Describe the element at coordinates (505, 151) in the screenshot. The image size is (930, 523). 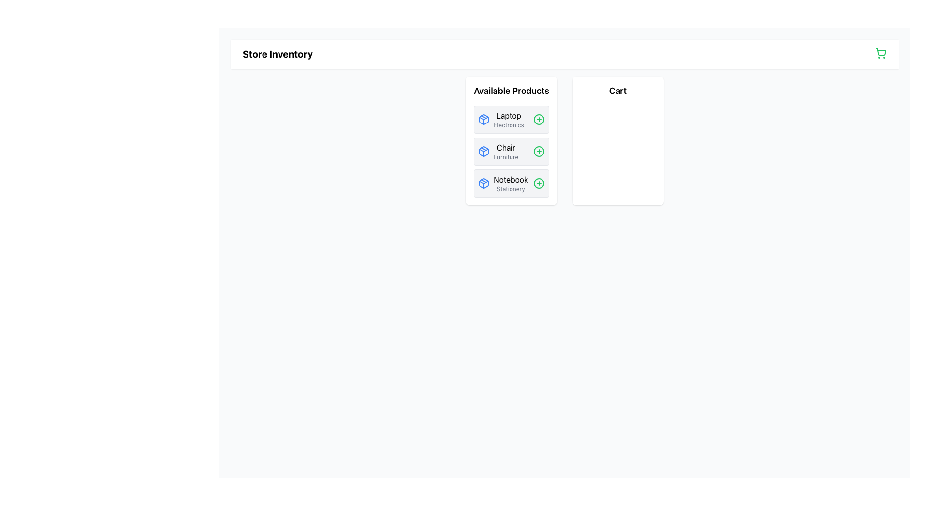
I see `the 'Chair' product label in the 'Available Products' column, which is positioned between 'Laptop Electronics' and 'Notebook Stationery'` at that location.